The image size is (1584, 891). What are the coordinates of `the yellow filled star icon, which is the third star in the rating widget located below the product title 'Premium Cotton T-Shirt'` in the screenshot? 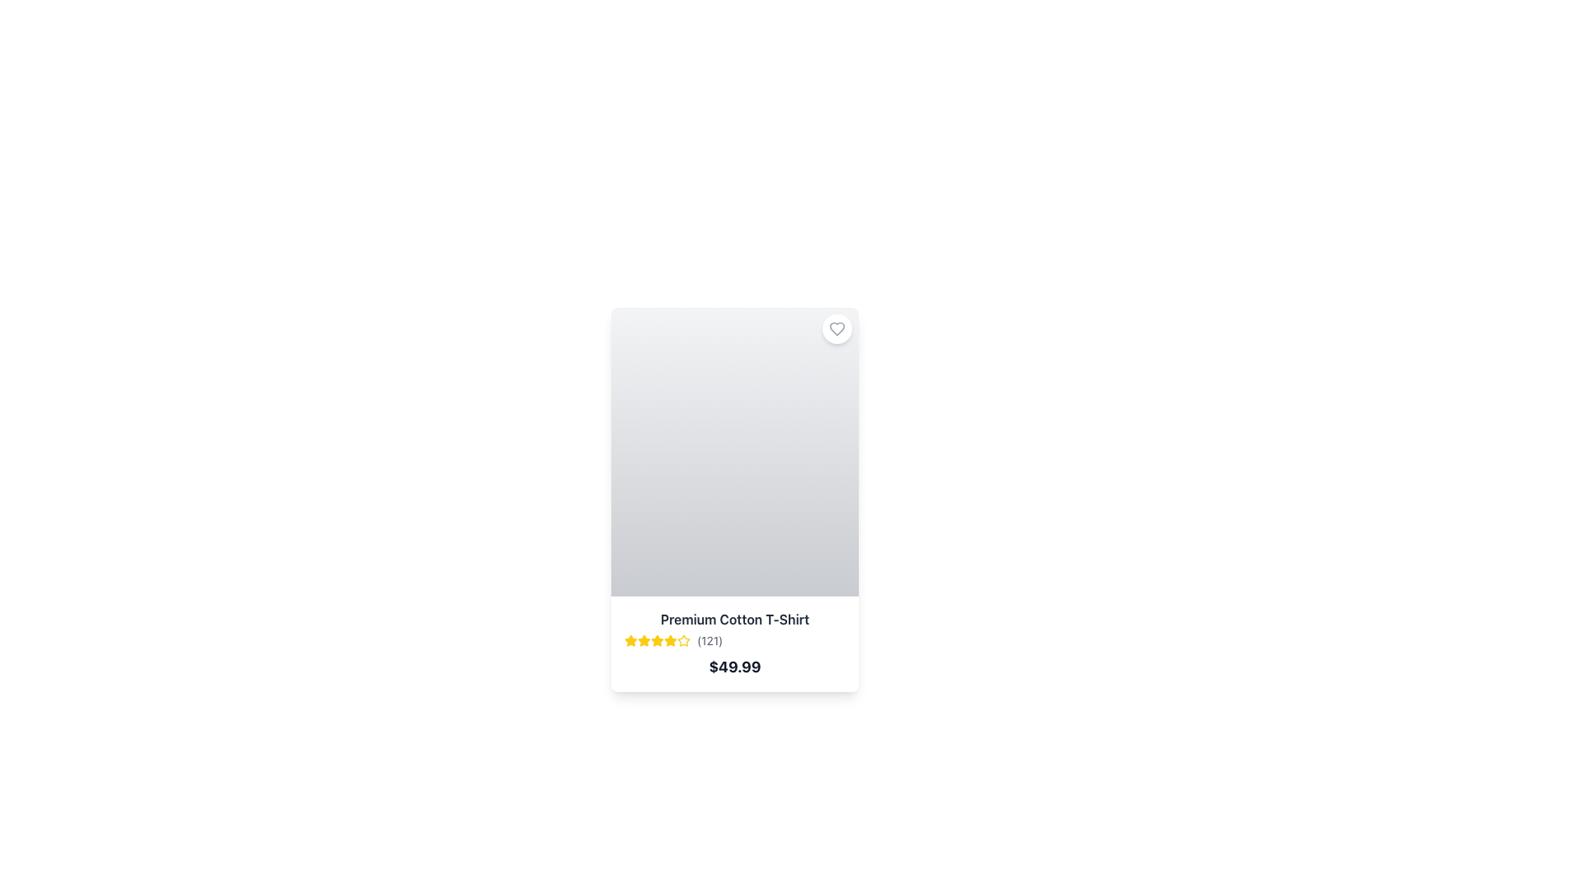 It's located at (643, 639).